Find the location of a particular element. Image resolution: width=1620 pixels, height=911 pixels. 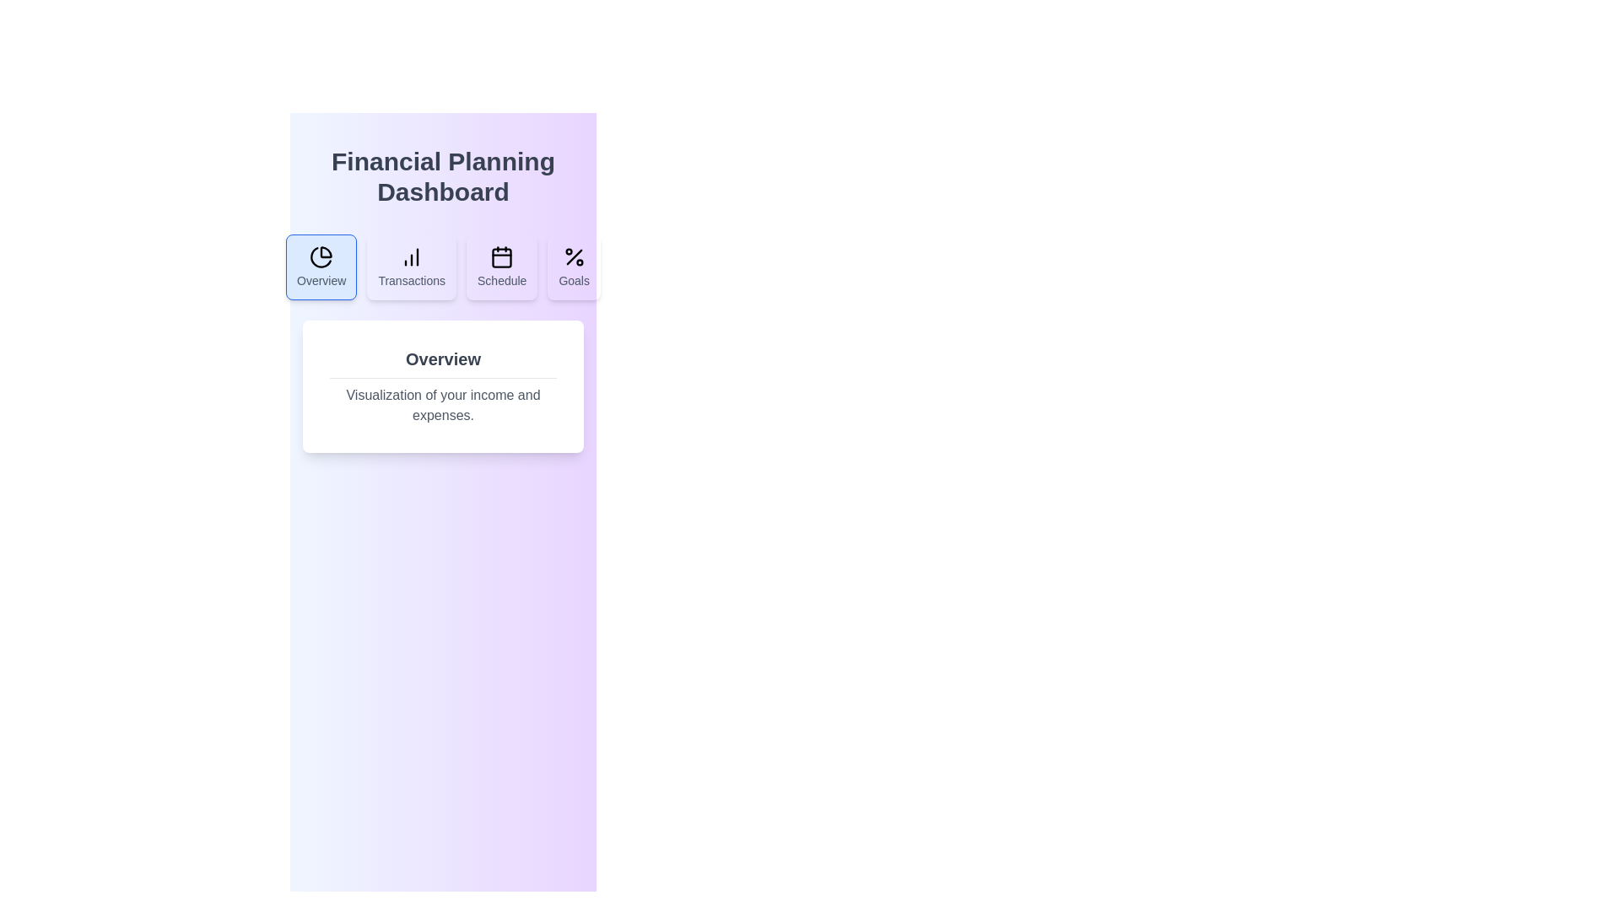

the 'Transactions' navigation button located between the 'Overview' and 'Schedule' buttons is located at coordinates (412, 266).